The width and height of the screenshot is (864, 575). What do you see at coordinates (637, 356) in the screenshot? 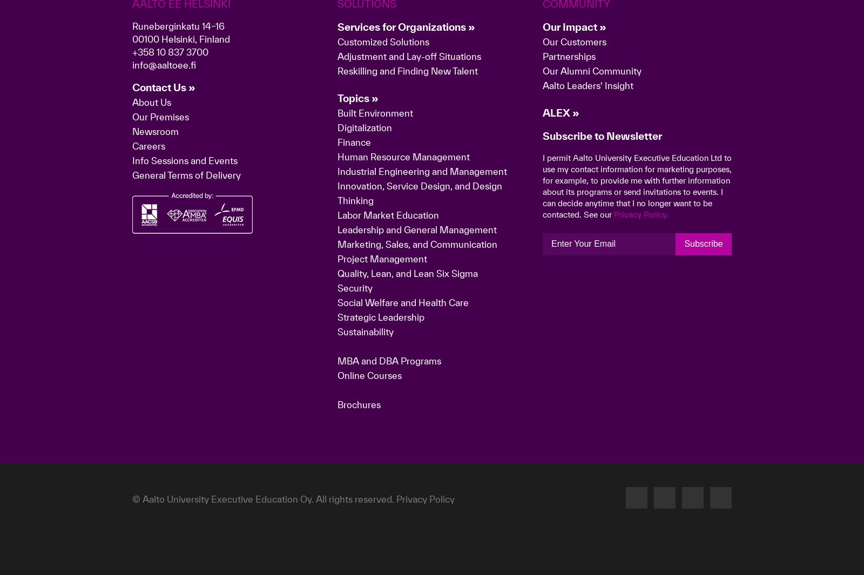
I see `'I permit Aalto University Executive Education Ltd to use my contact information for marketing purposes, for example, to provide me with further information about its programs or send invitations to events. I can decide anytime that I no longer want to be contacted. See our'` at bounding box center [637, 356].